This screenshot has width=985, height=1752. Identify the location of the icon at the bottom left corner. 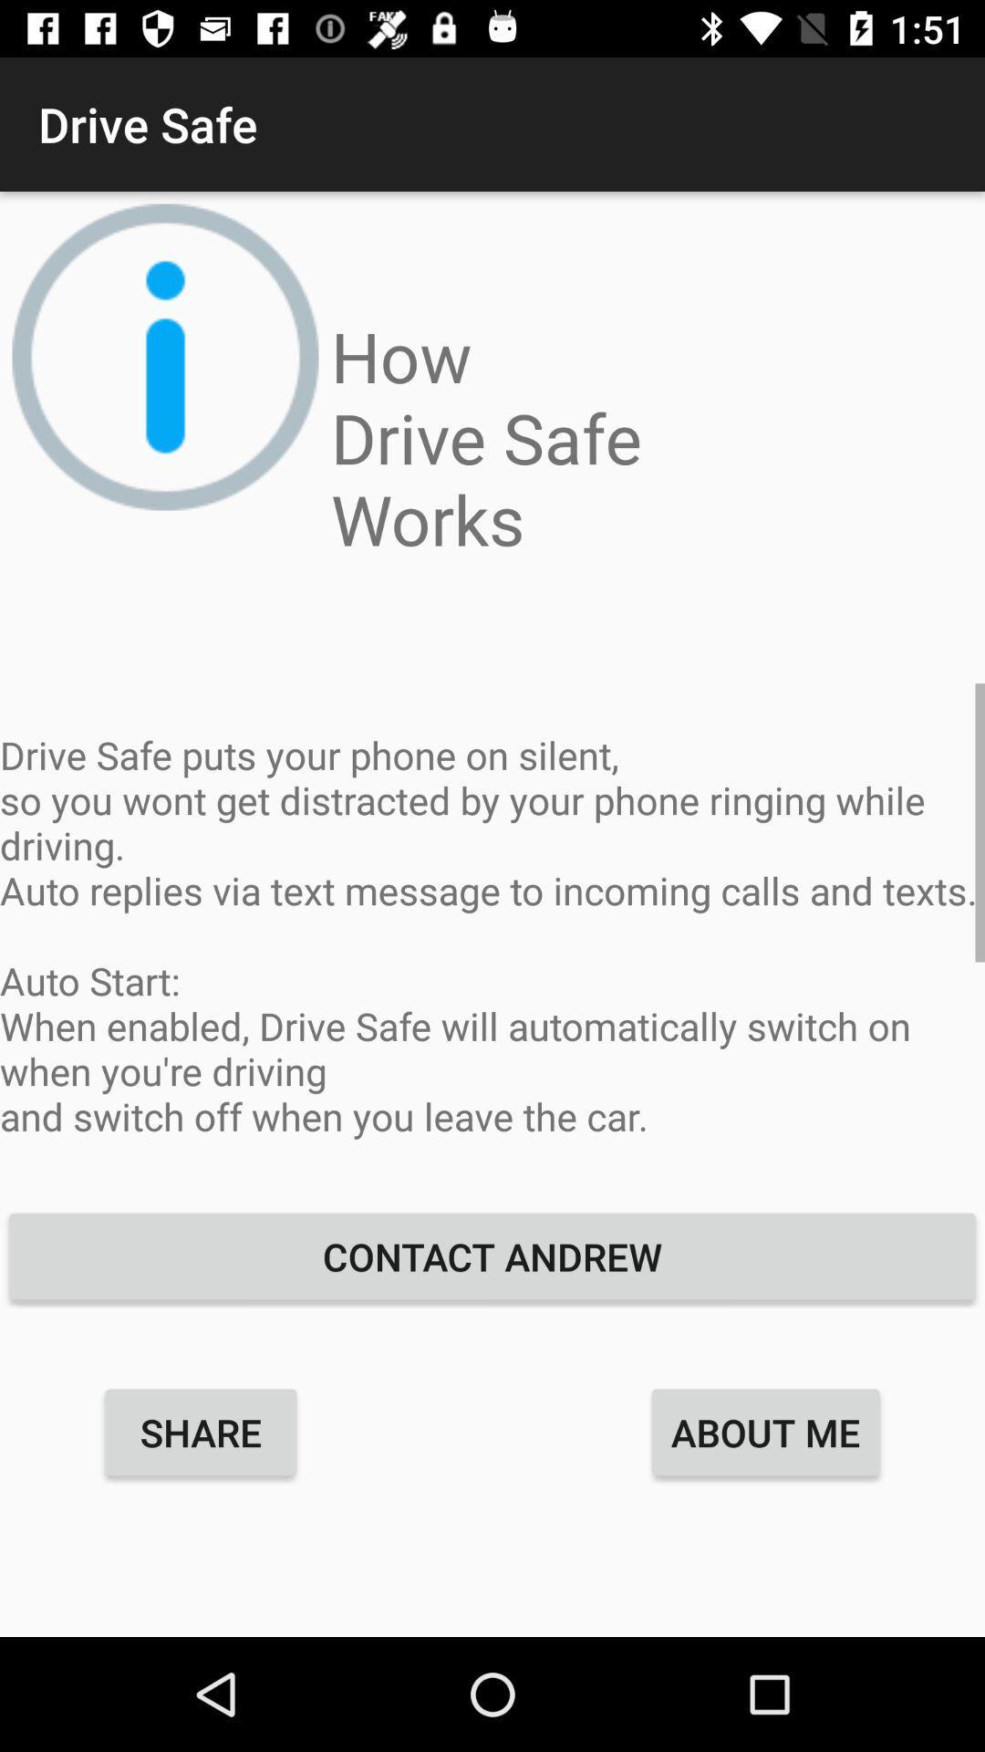
(201, 1431).